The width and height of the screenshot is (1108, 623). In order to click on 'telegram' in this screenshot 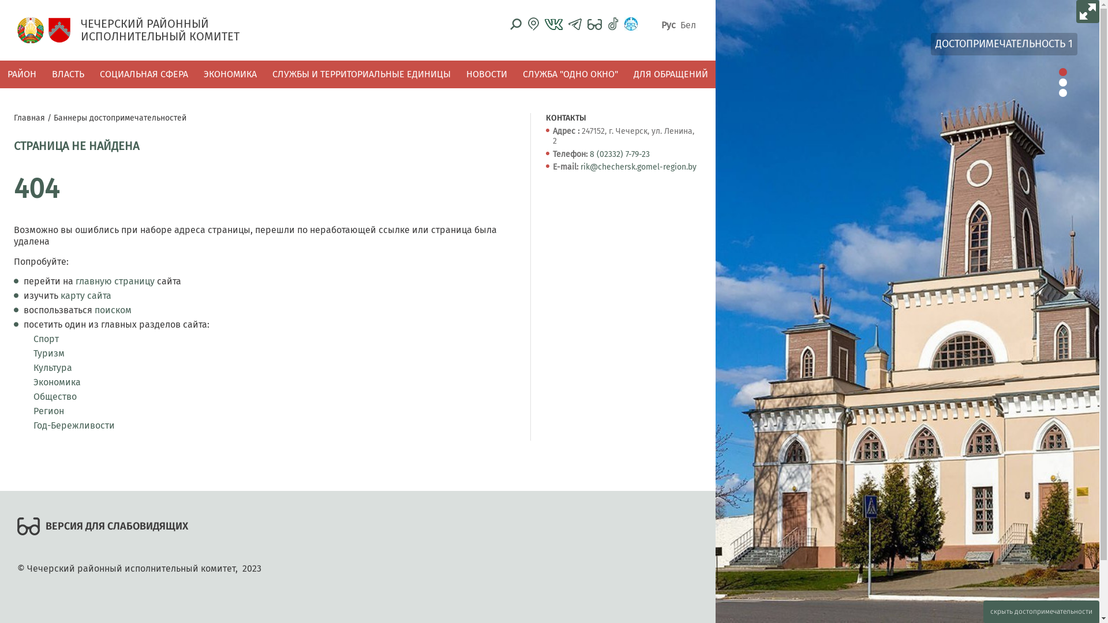, I will do `click(575, 24)`.